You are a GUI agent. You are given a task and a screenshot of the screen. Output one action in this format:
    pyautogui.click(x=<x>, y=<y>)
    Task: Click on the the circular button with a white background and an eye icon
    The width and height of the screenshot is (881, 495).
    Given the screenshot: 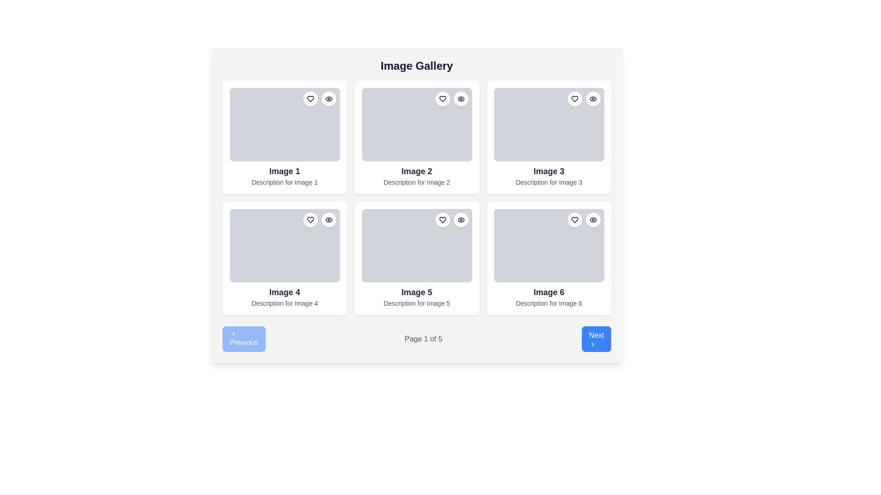 What is the action you would take?
    pyautogui.click(x=593, y=220)
    